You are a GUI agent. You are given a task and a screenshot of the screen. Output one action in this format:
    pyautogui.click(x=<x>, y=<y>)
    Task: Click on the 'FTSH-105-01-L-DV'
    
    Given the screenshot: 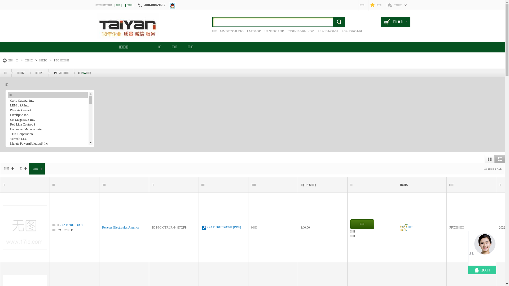 What is the action you would take?
    pyautogui.click(x=300, y=31)
    